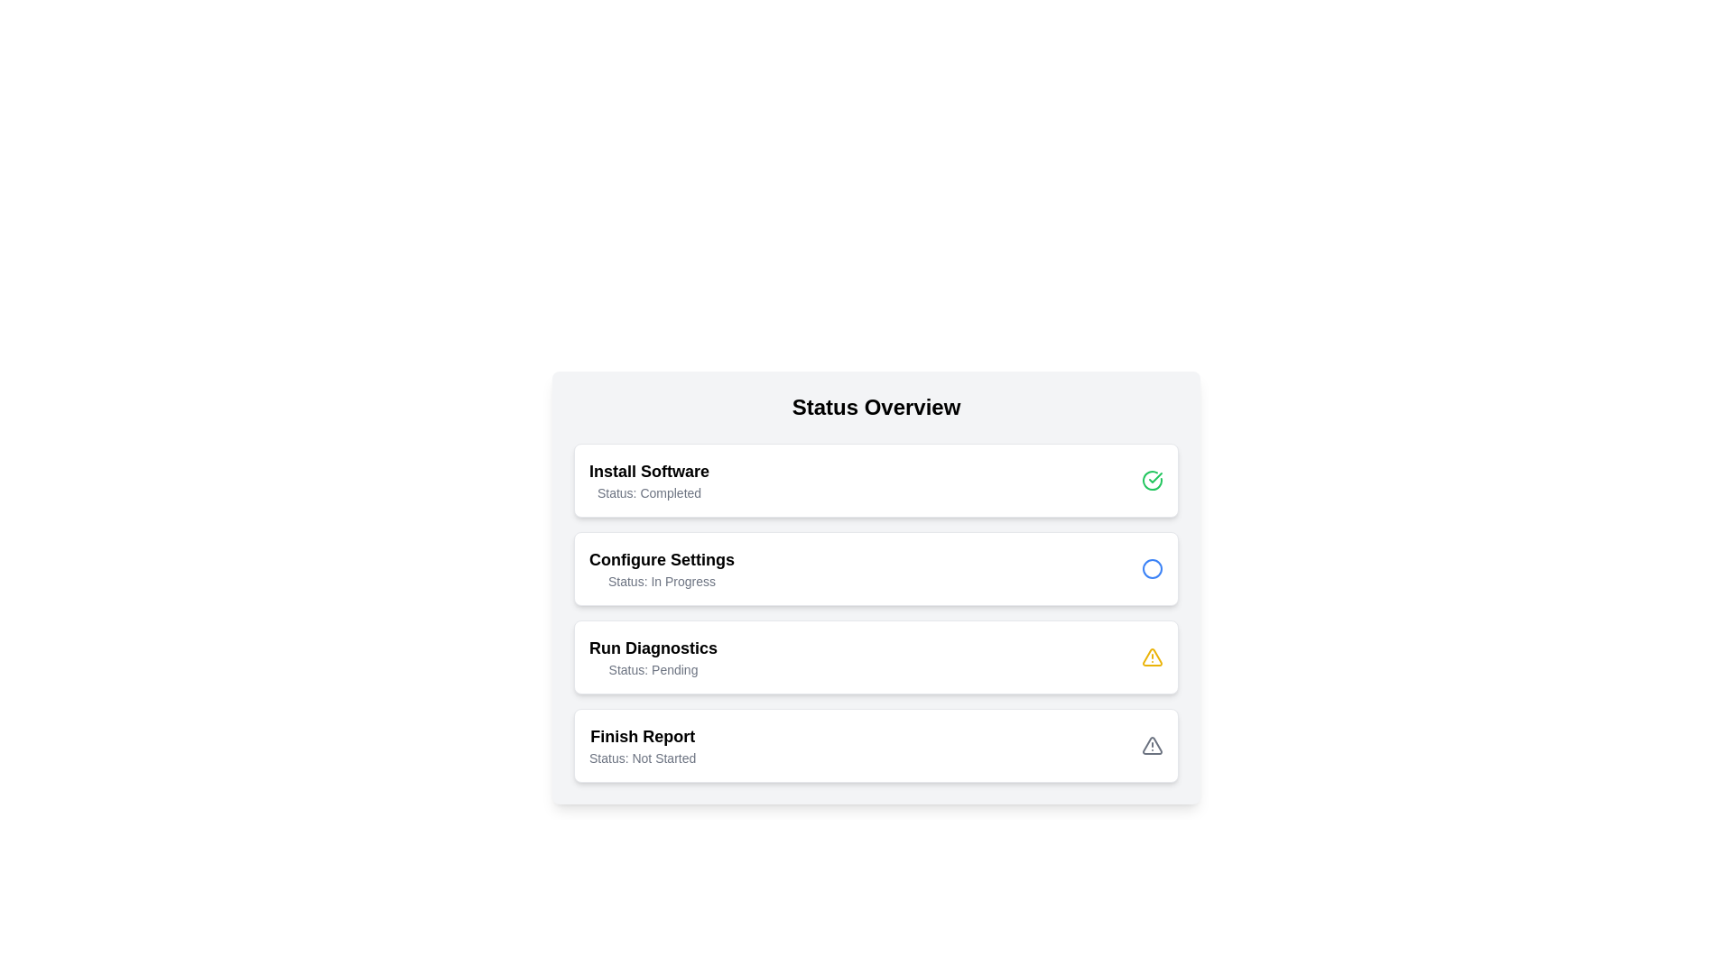 The image size is (1733, 974). What do you see at coordinates (661, 569) in the screenshot?
I see `the Text block titled 'Configure Settings' which contains the subtitle 'Status: In Progress', located in the second row of a vertical list within a white card` at bounding box center [661, 569].